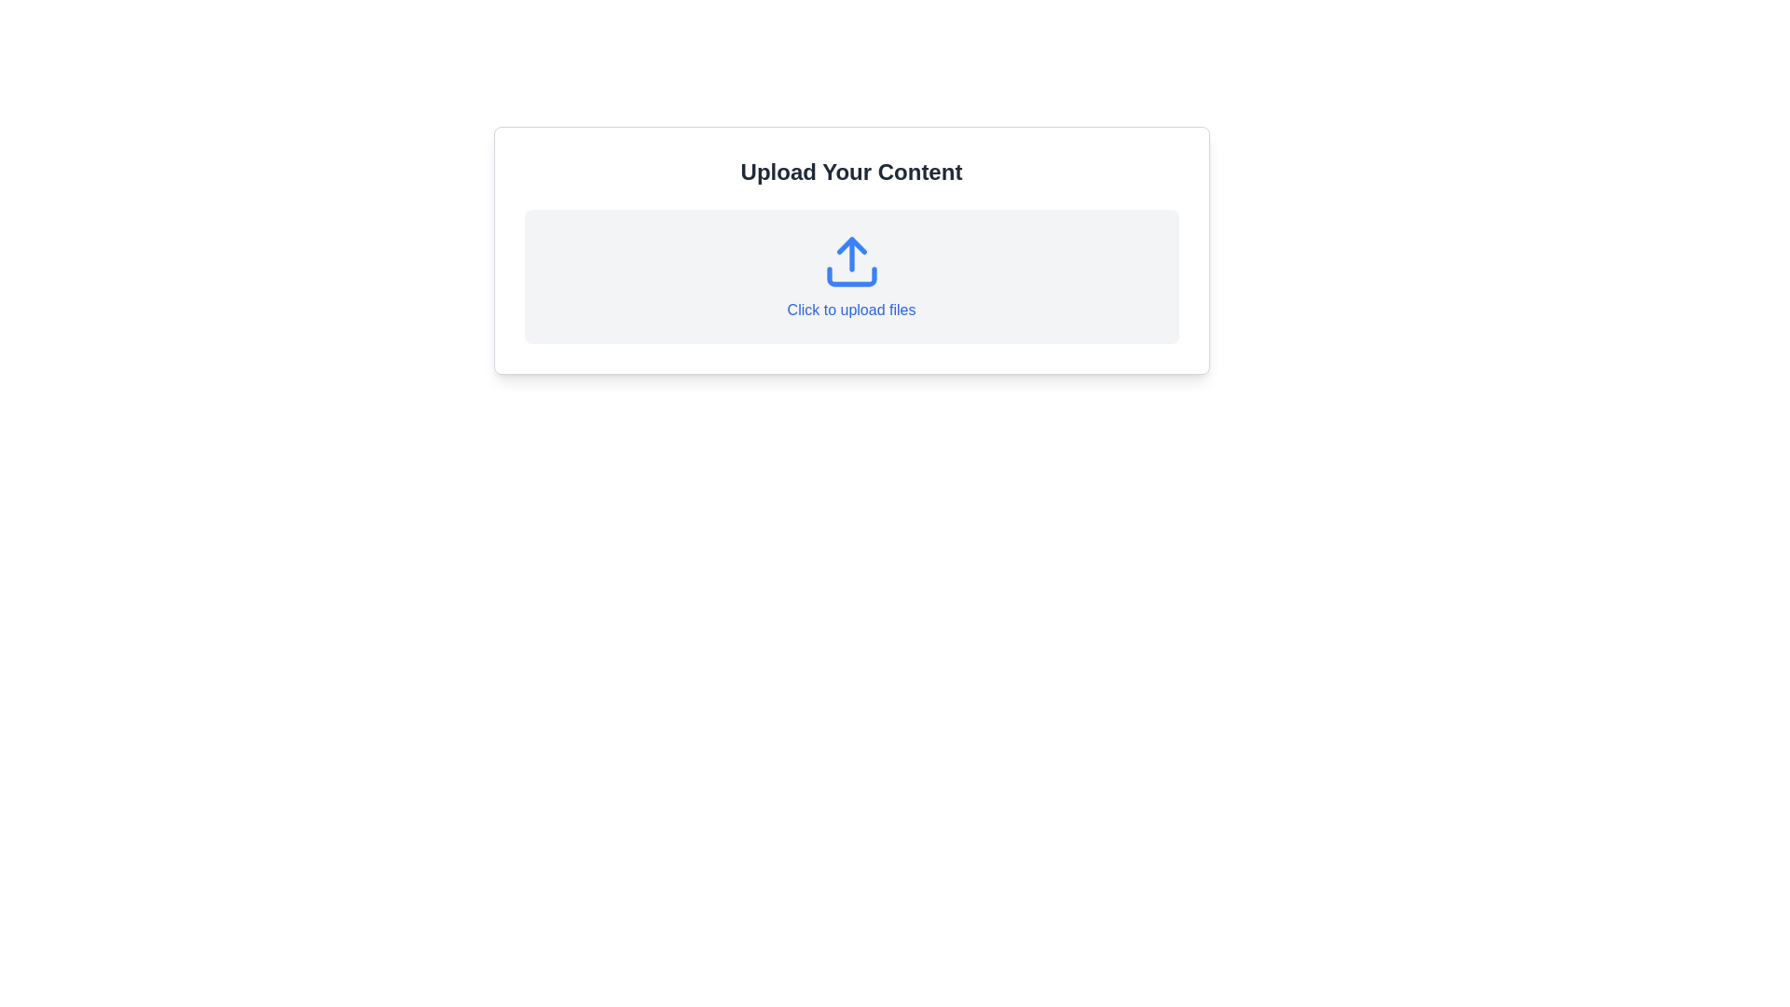 The image size is (1790, 1007). I want to click on SVG details of the triangular upward arrowhead graphic, which is blue and located in the upper part of the upload icon, so click(850, 244).